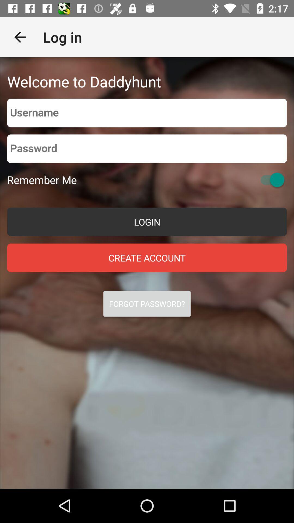 The width and height of the screenshot is (294, 523). I want to click on forgot password? item, so click(147, 303).